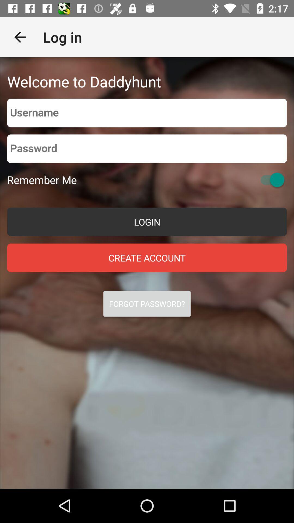 The width and height of the screenshot is (294, 523). I want to click on forgot password? item, so click(147, 303).